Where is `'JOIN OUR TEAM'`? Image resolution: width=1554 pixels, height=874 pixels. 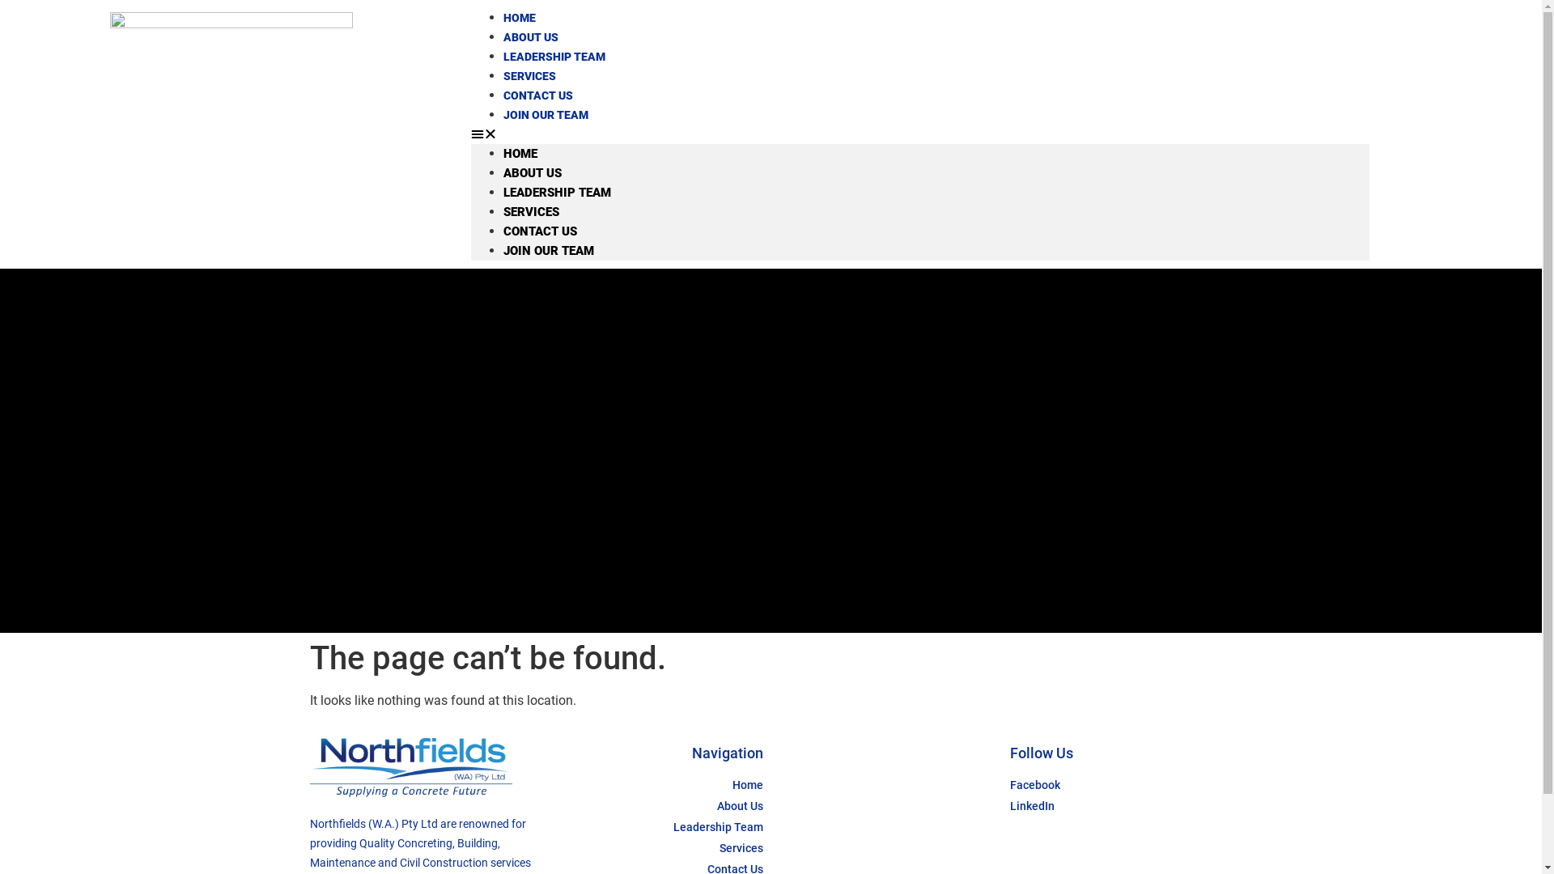
'JOIN OUR TEAM' is located at coordinates (548, 250).